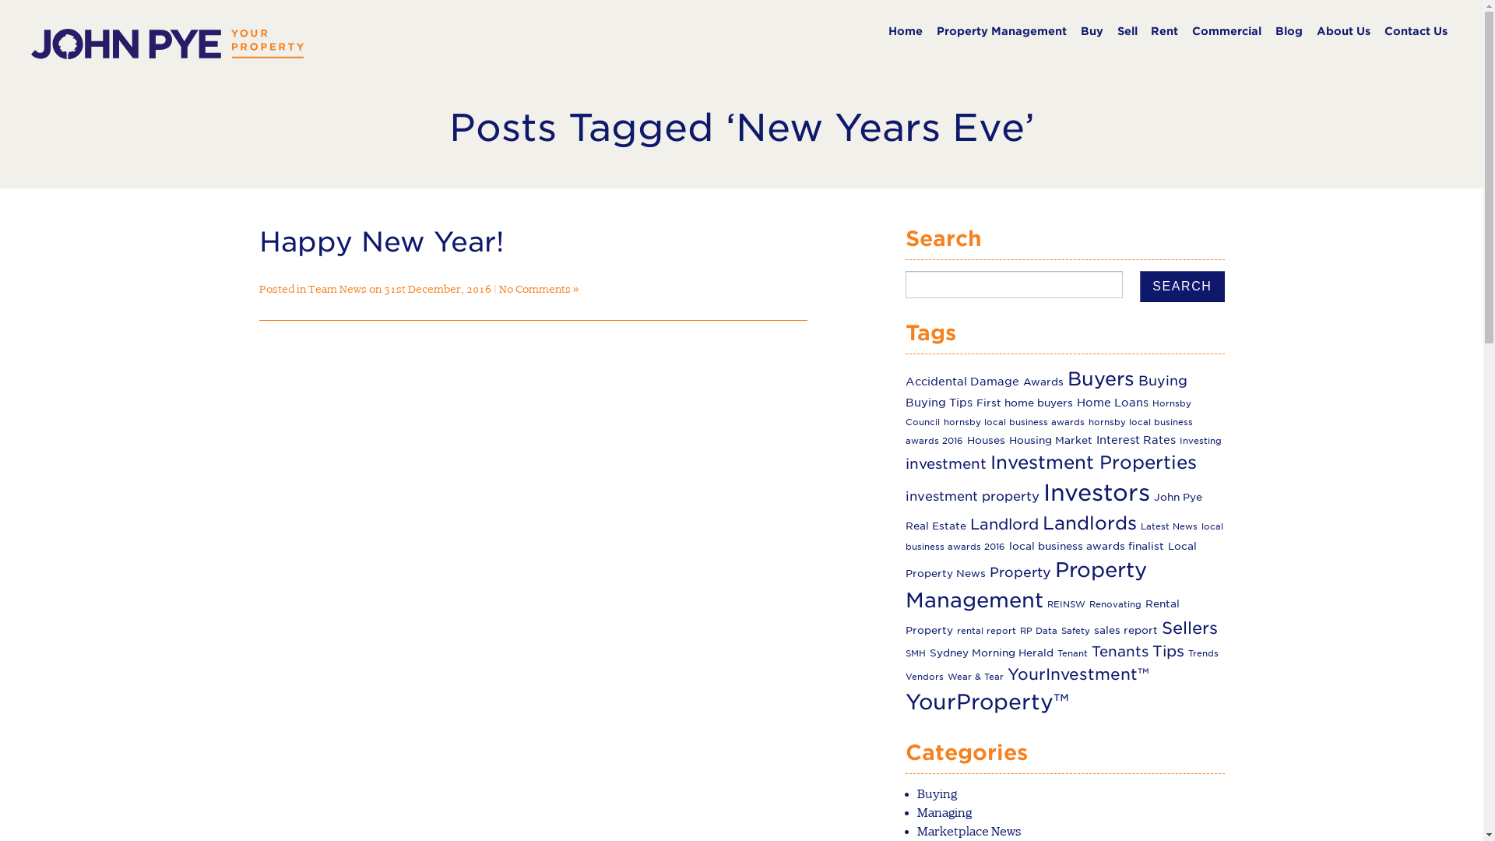  I want to click on 'Buying Tips', so click(937, 401).